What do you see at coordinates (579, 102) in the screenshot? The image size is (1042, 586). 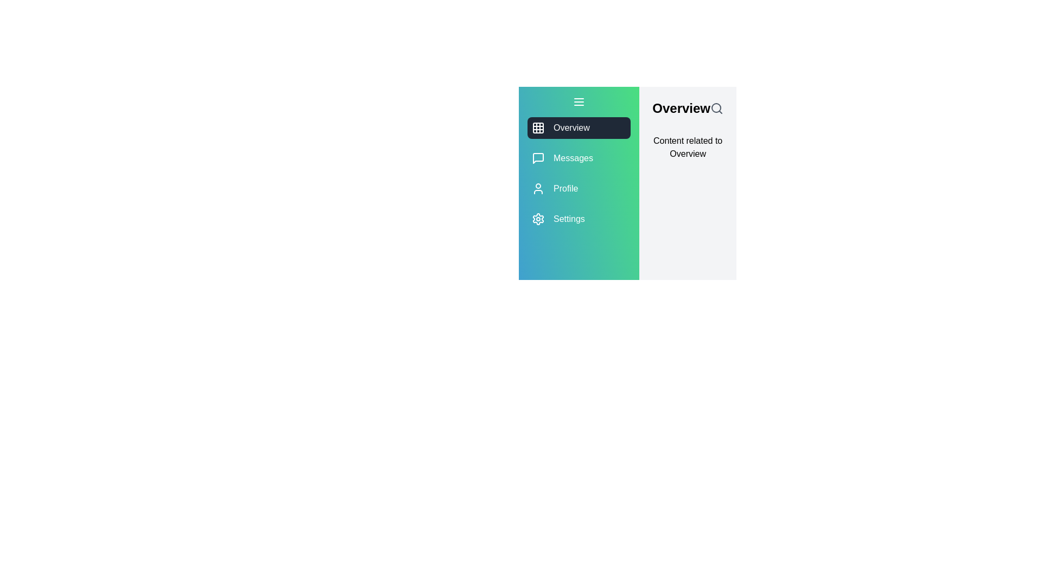 I see `the menu button to toggle the drawer menu` at bounding box center [579, 102].